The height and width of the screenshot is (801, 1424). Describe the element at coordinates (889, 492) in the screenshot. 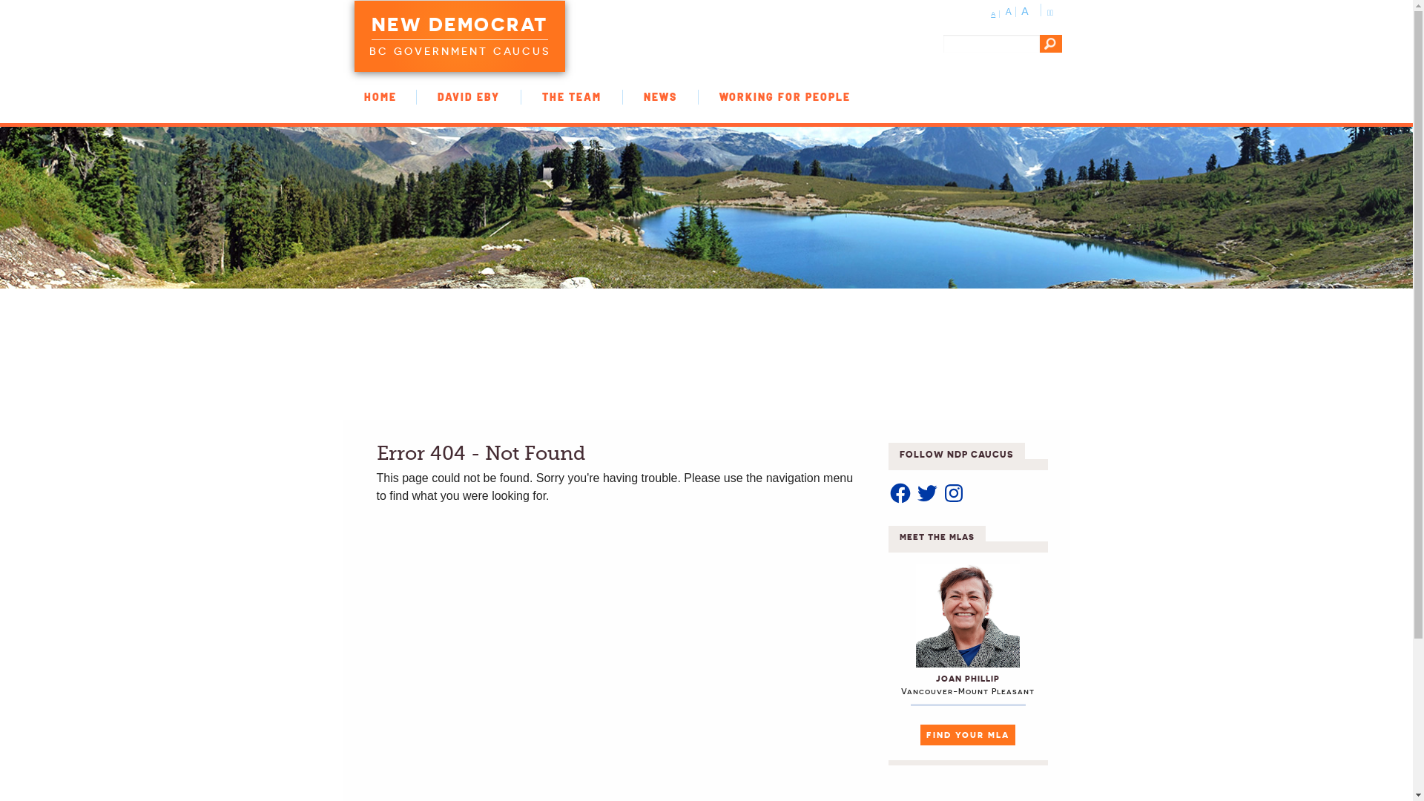

I see `'Facebook'` at that location.